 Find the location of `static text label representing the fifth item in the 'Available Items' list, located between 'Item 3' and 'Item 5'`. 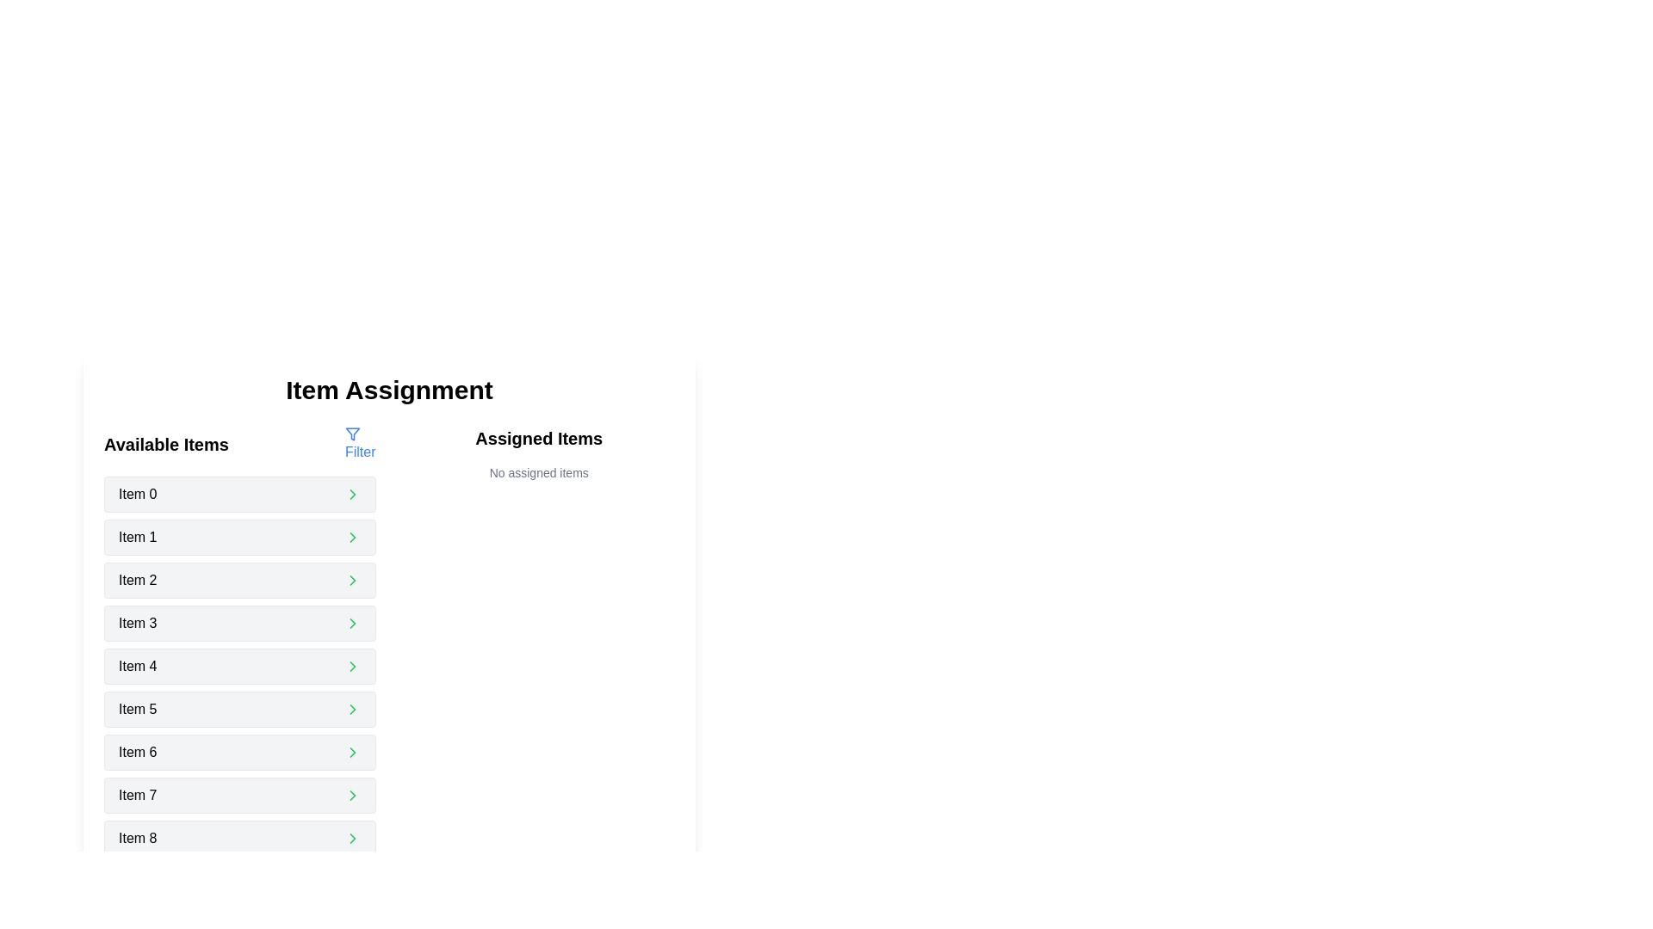

static text label representing the fifth item in the 'Available Items' list, located between 'Item 3' and 'Item 5' is located at coordinates (138, 666).